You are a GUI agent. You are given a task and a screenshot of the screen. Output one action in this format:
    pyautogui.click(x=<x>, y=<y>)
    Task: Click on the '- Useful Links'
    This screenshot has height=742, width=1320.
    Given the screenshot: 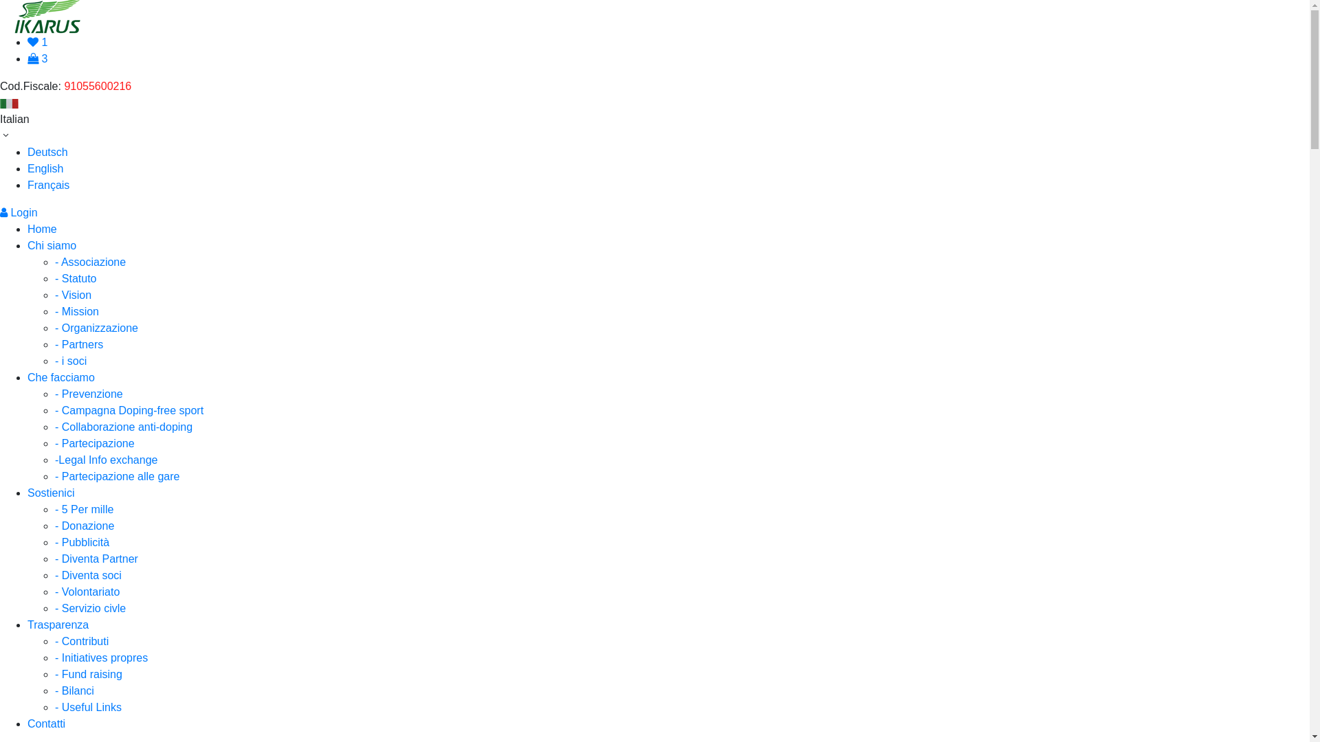 What is the action you would take?
    pyautogui.click(x=55, y=707)
    